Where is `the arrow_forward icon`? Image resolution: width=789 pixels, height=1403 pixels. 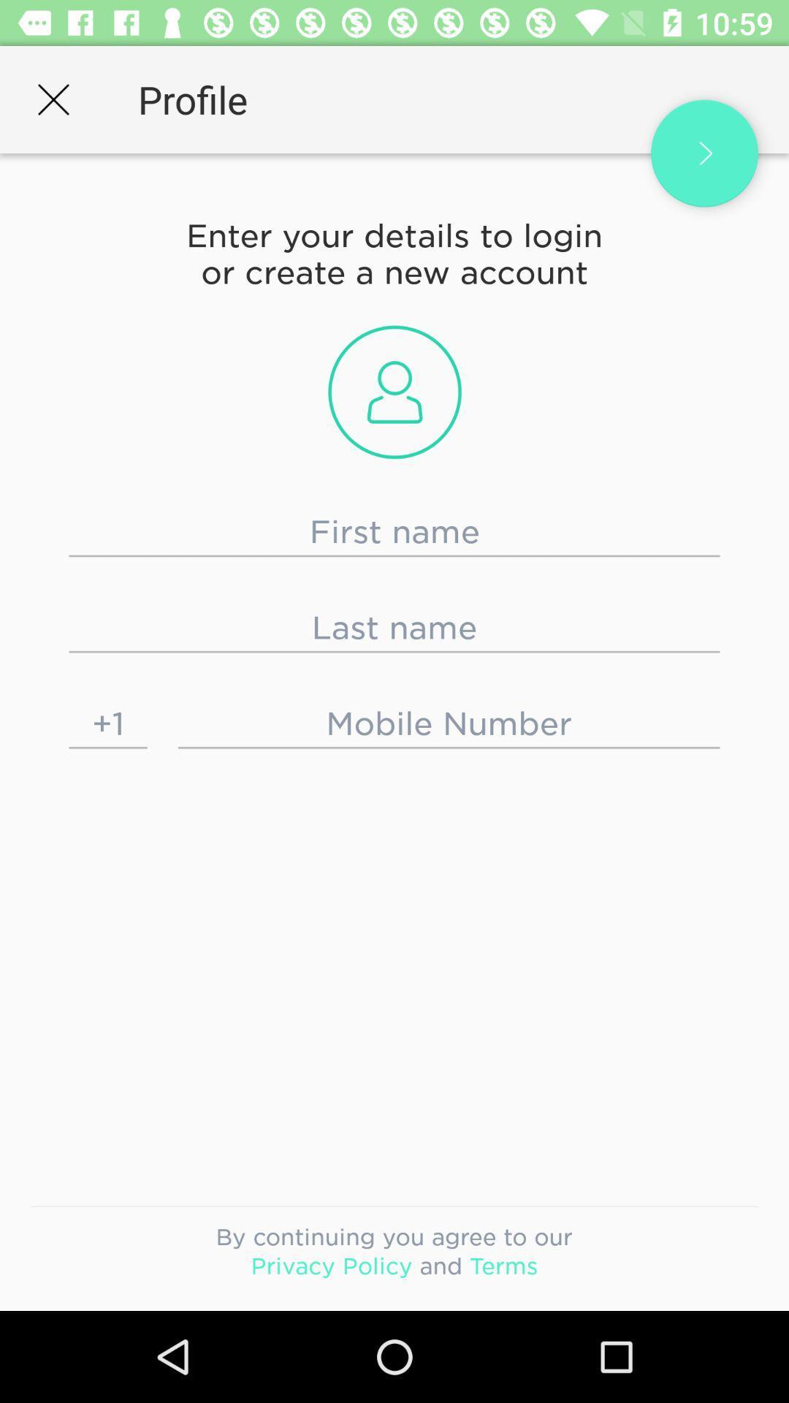 the arrow_forward icon is located at coordinates (704, 153).